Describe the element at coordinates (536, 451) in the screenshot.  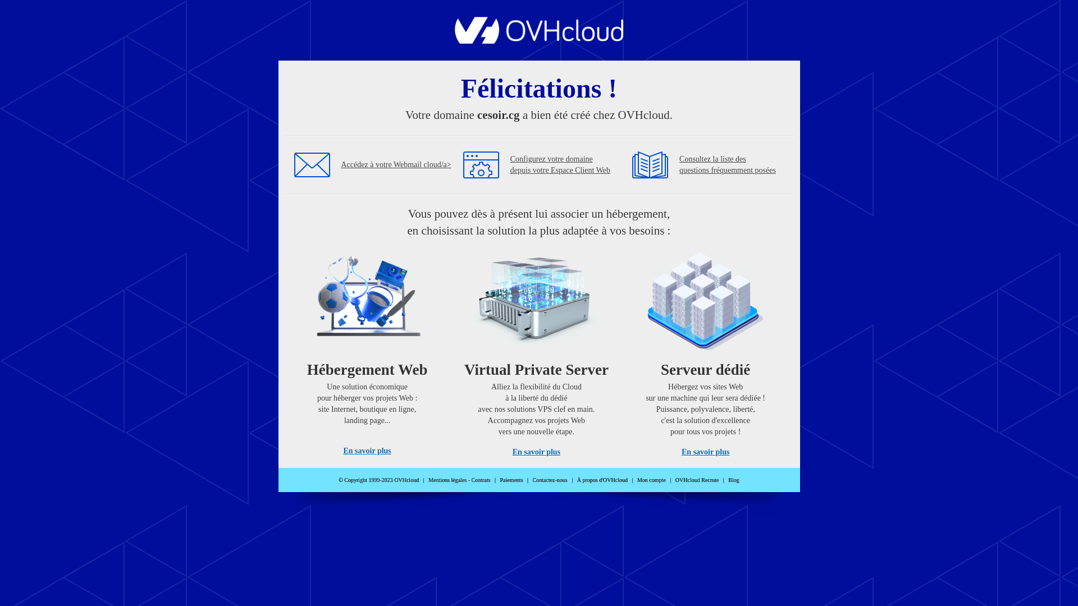
I see `'En savoir plus'` at that location.